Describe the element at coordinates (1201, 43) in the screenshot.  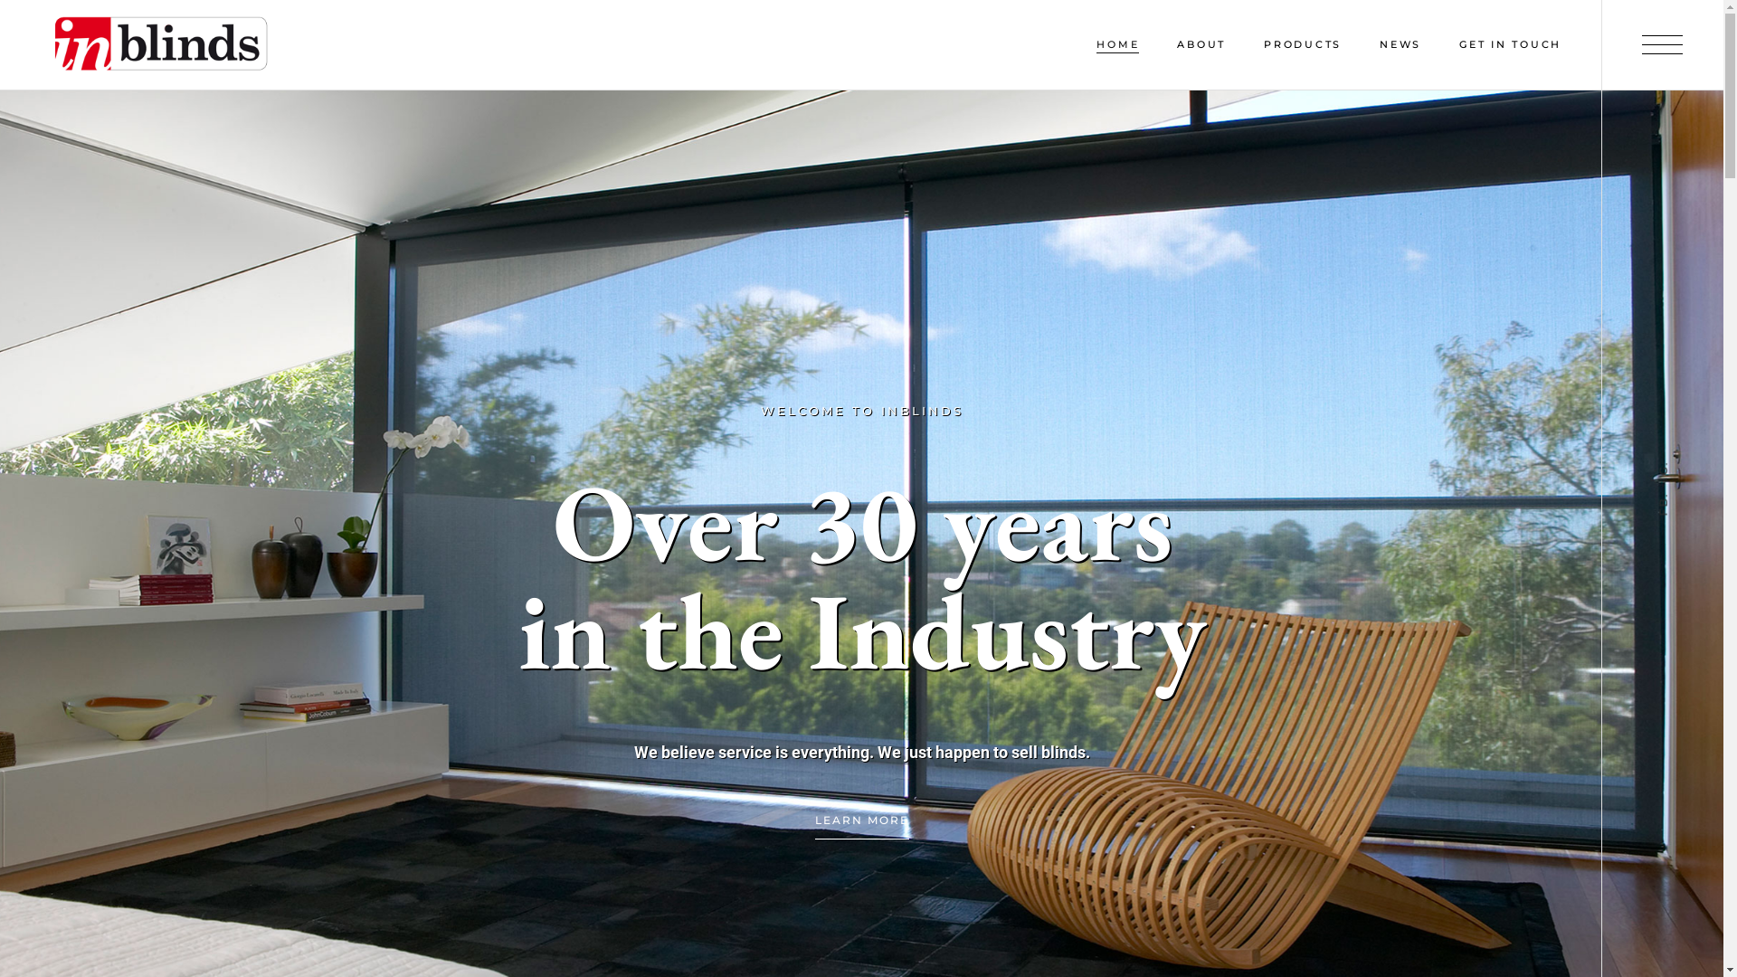
I see `'ABOUT'` at that location.